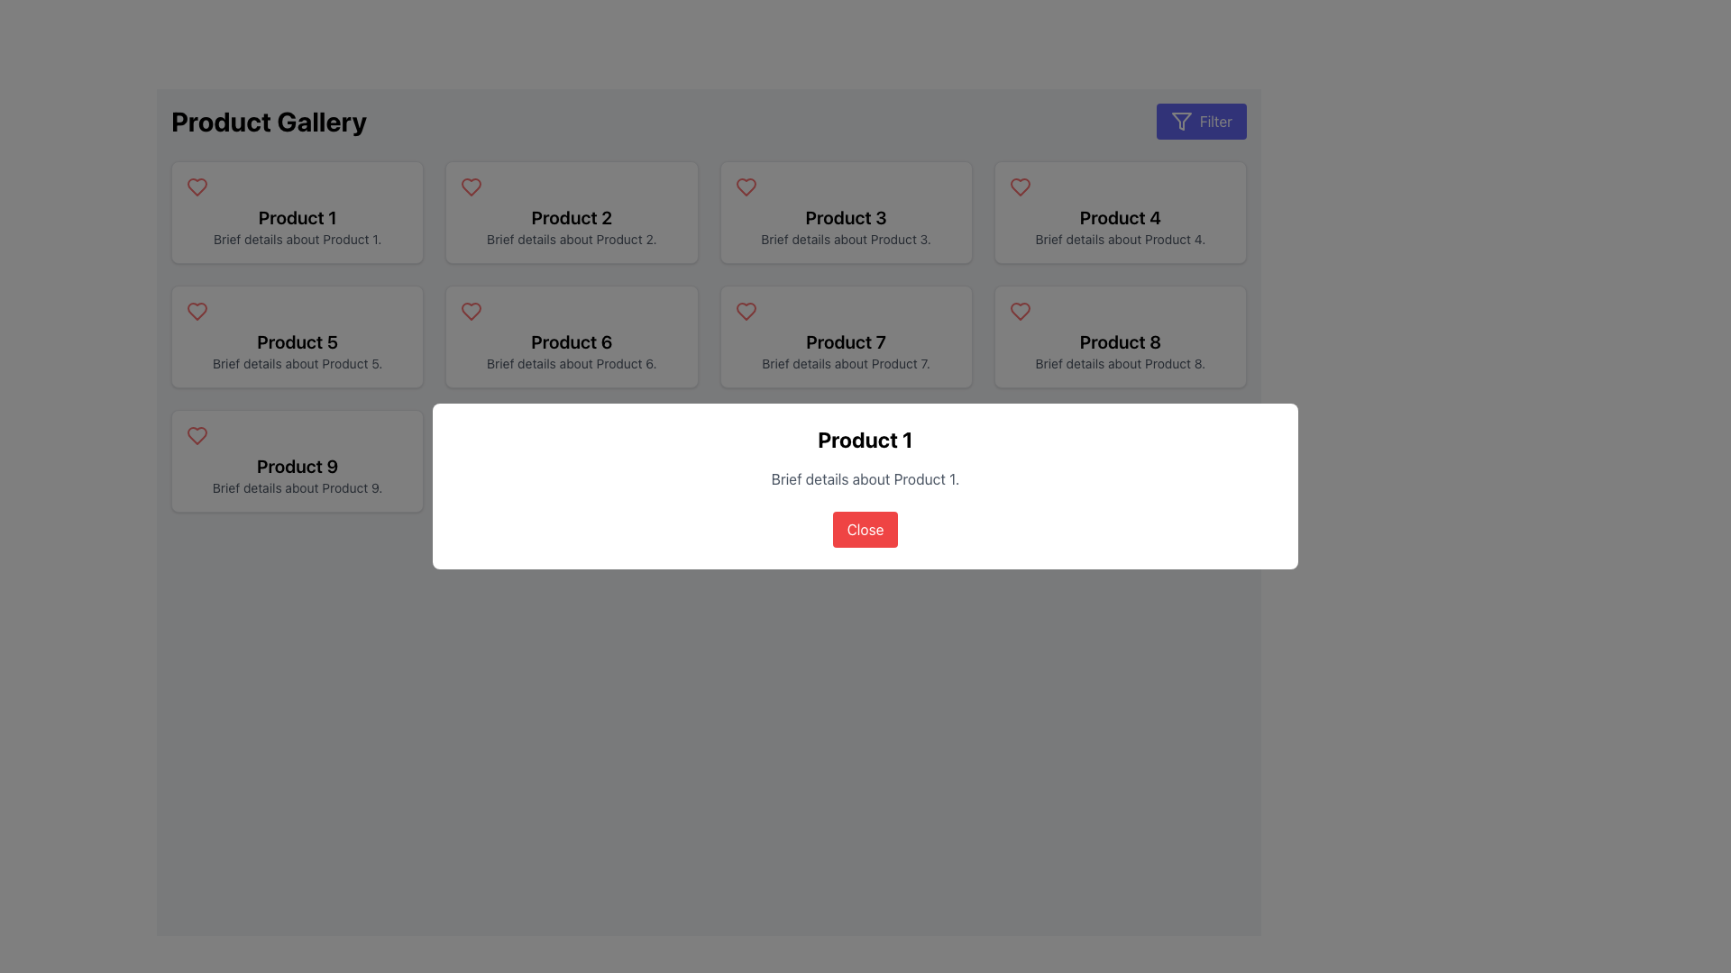 The image size is (1731, 973). Describe the element at coordinates (845, 239) in the screenshot. I see `the textual description element that reads 'Brief details about Product 3.' which is styled with a small font and light gray color, located beneath the title 'Product 3.'` at that location.